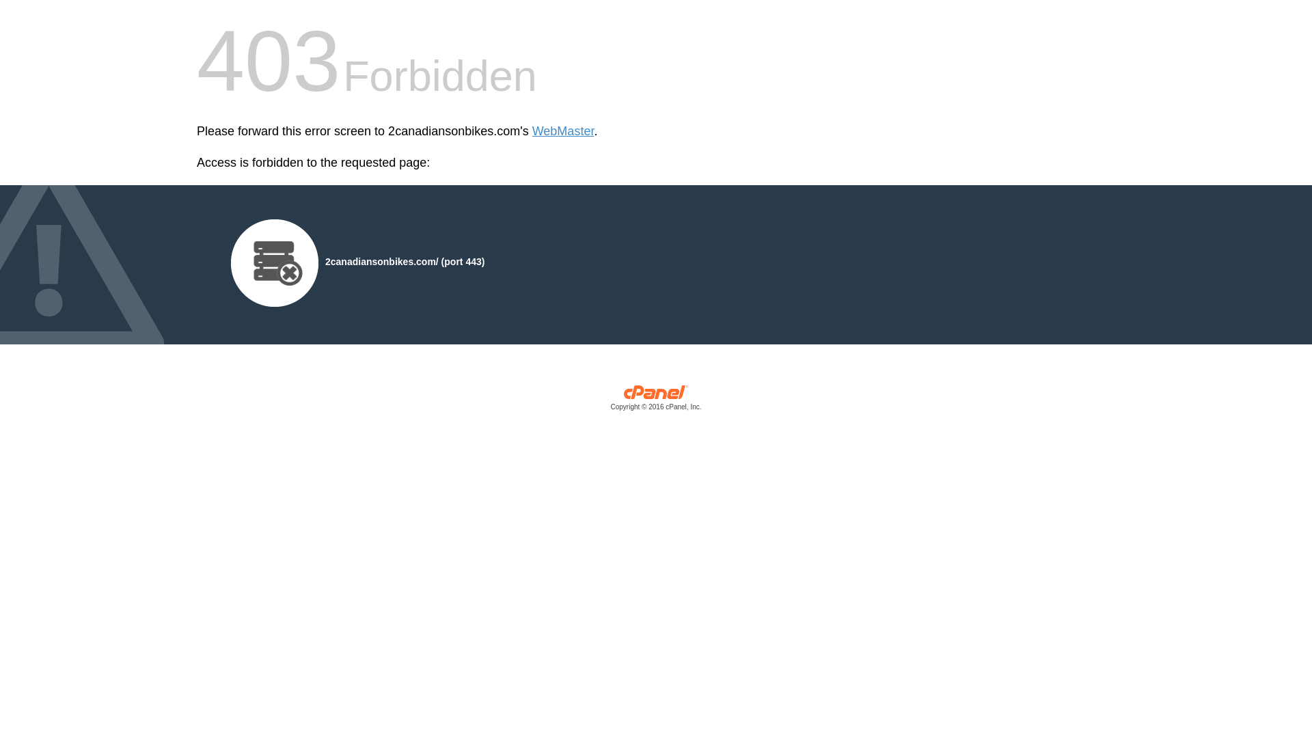 The height and width of the screenshot is (738, 1312). Describe the element at coordinates (531, 131) in the screenshot. I see `'WebMaster'` at that location.